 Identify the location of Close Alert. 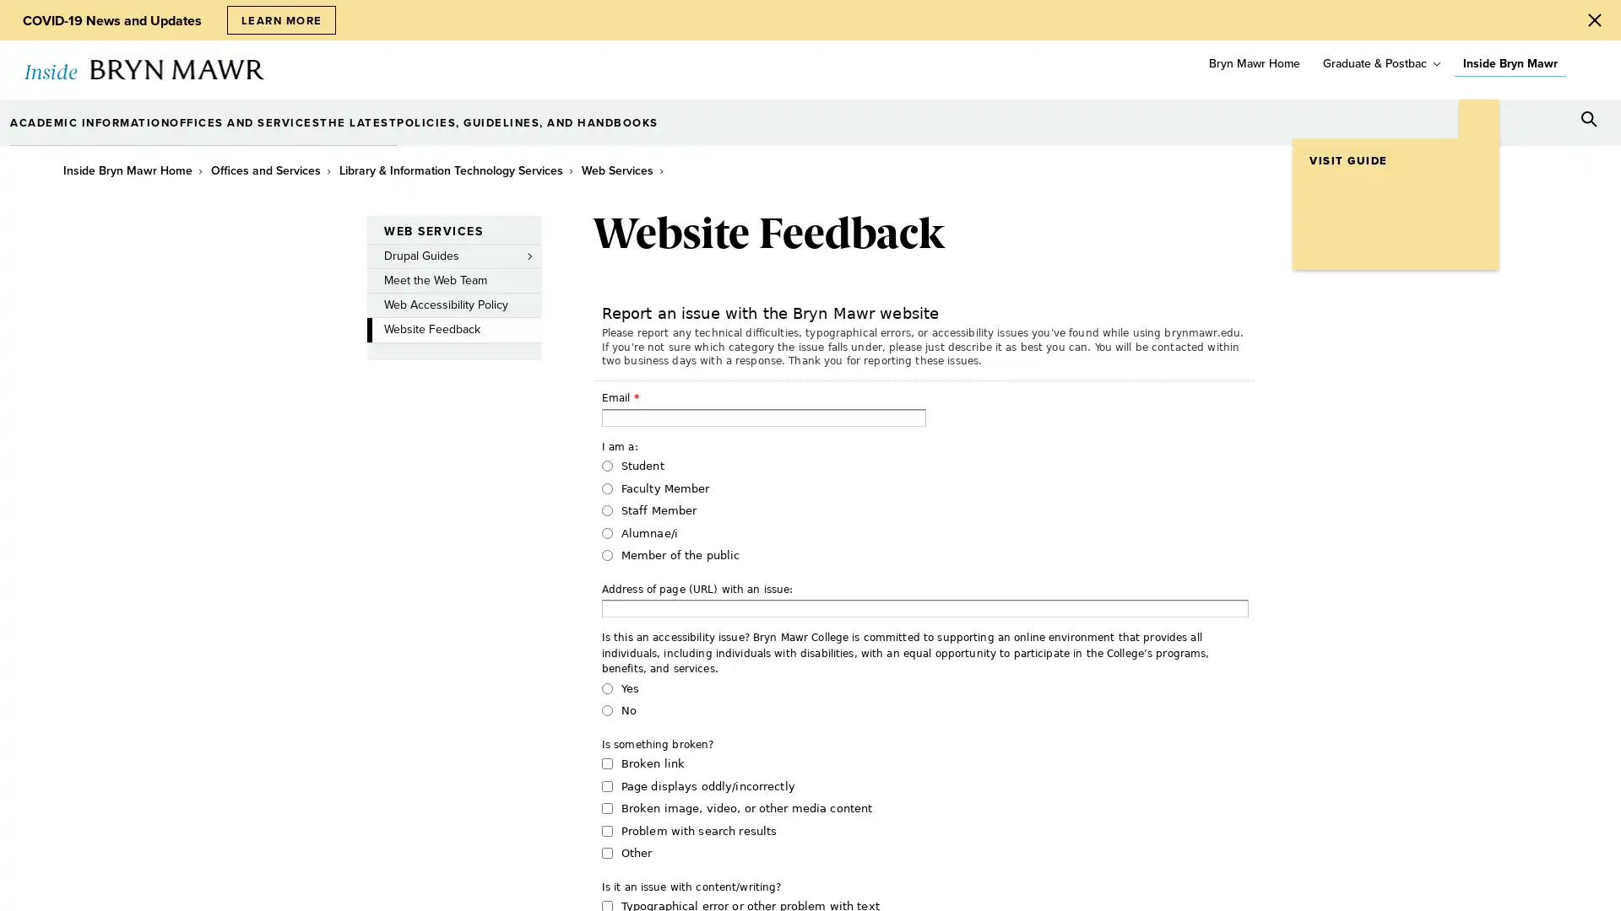
(1594, 19).